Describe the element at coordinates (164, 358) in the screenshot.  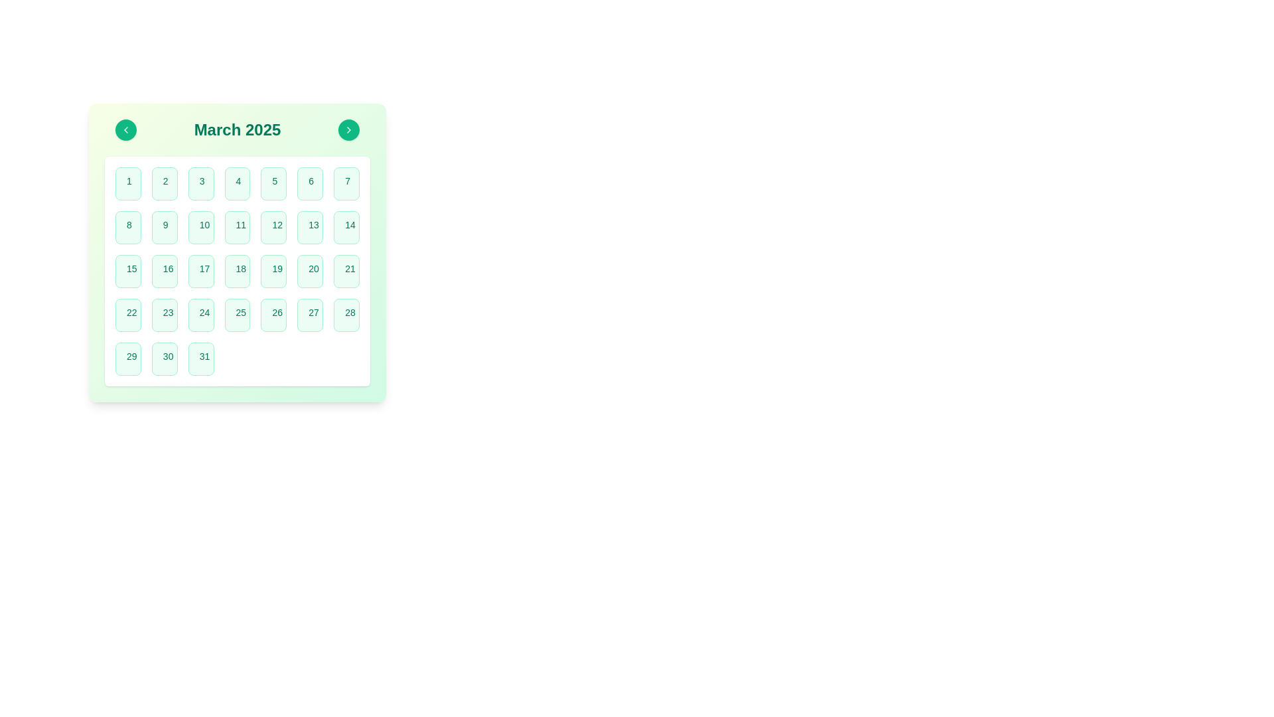
I see `the Calendar day button representing the 30th day of March 2025, located in the last row and third column of the calendar grid` at that location.